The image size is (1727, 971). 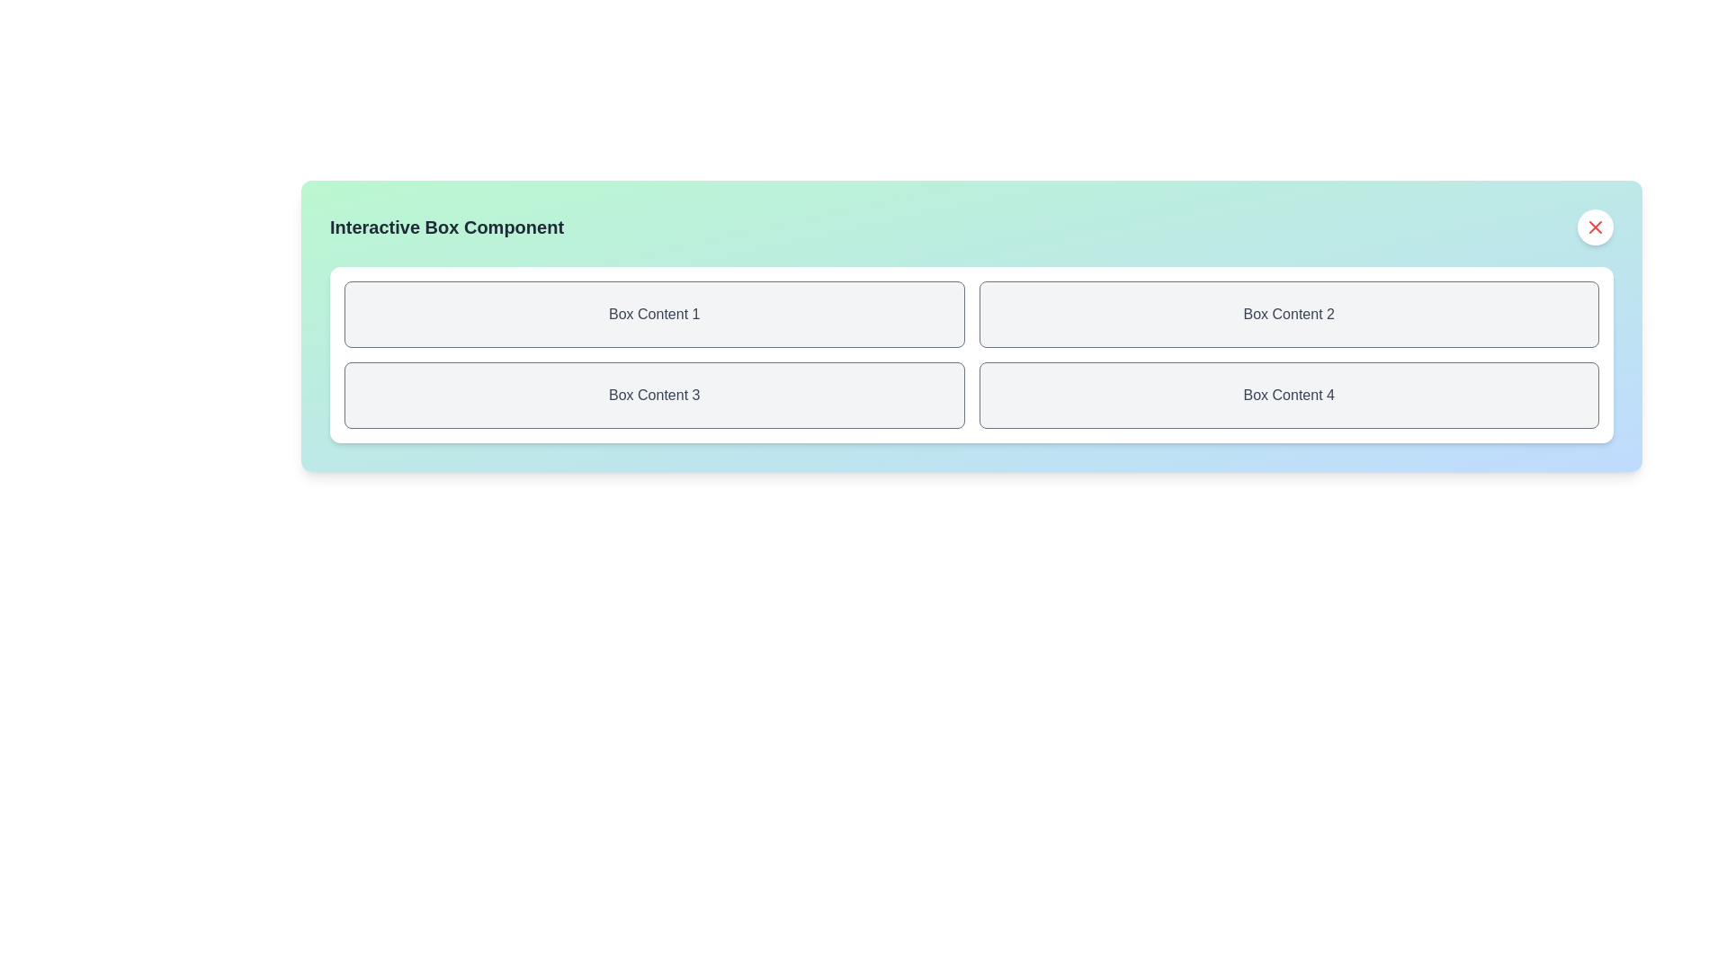 What do you see at coordinates (653, 394) in the screenshot?
I see `the text label element displaying 'Box Content 3', which is styled in gray and located in the first cell of the second row of a 2x2 grid layout` at bounding box center [653, 394].